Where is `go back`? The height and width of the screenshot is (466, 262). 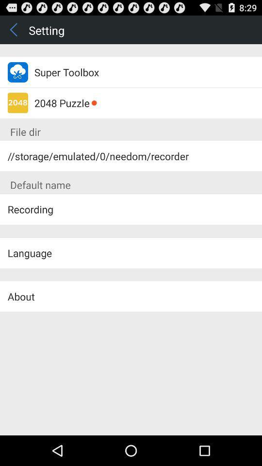
go back is located at coordinates (14, 30).